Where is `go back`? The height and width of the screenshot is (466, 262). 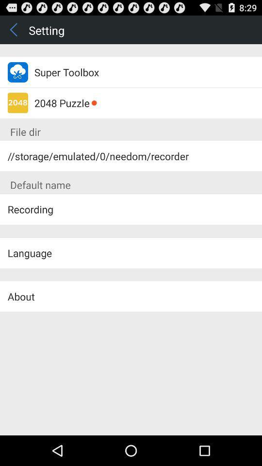
go back is located at coordinates (14, 30).